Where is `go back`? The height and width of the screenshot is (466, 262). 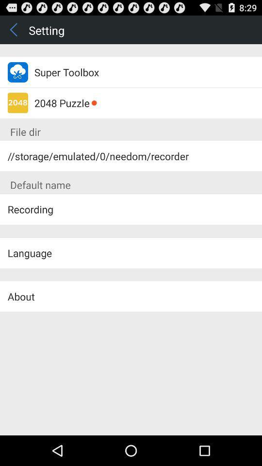
go back is located at coordinates (14, 30).